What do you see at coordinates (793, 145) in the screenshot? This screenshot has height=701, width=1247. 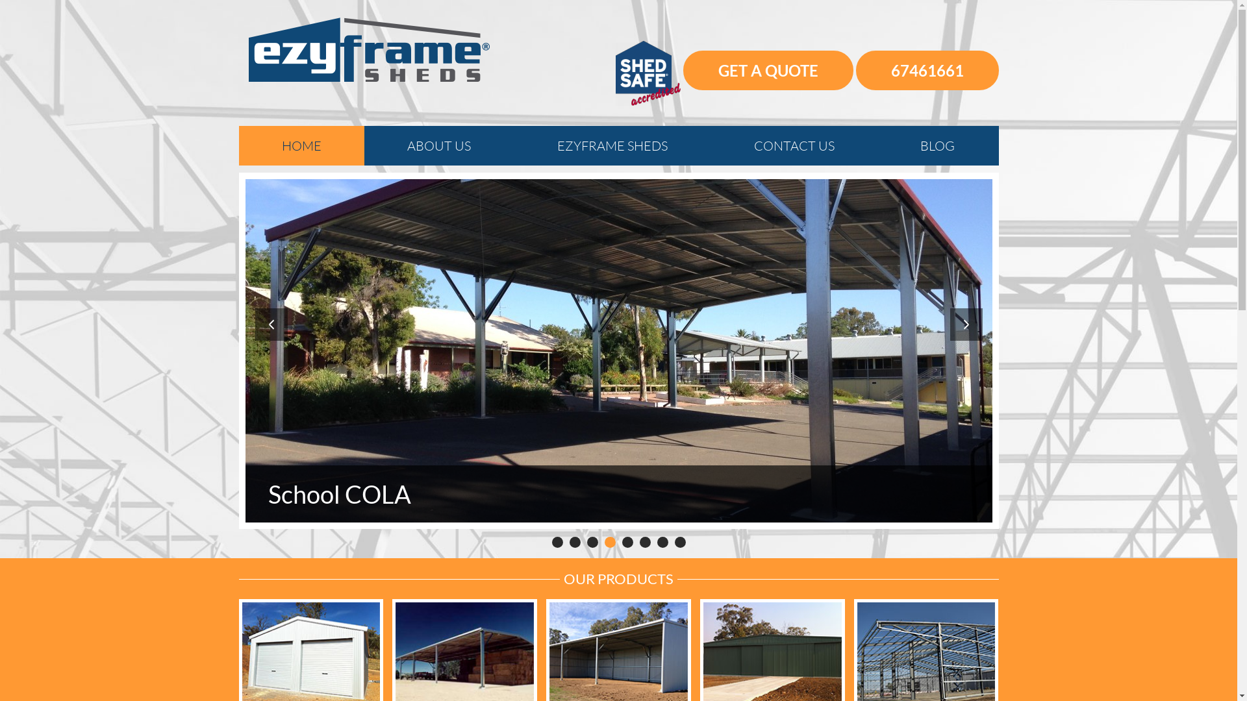 I see `'CONTACT US'` at bounding box center [793, 145].